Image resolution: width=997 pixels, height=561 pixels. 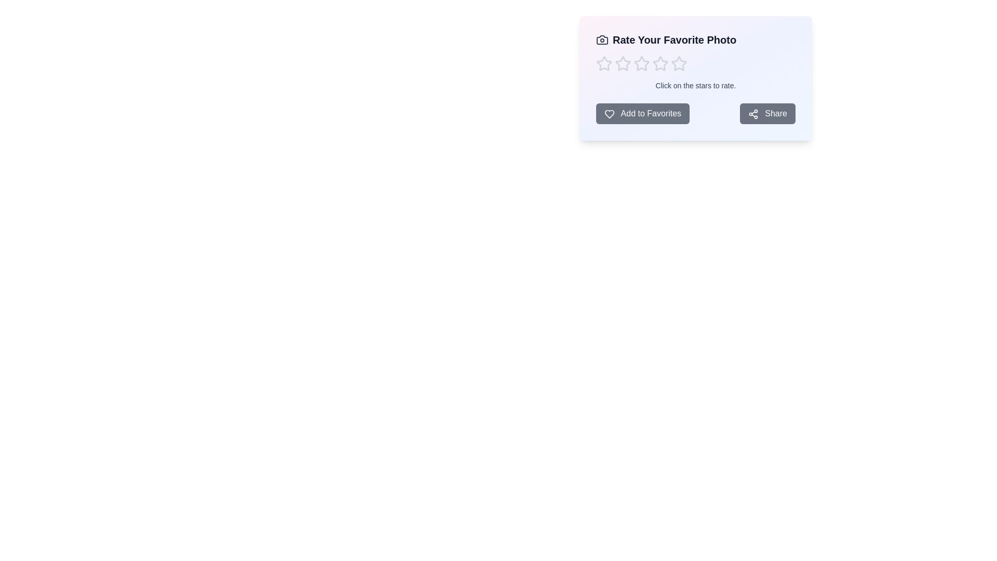 What do you see at coordinates (679, 63) in the screenshot?
I see `the fourth star icon` at bounding box center [679, 63].